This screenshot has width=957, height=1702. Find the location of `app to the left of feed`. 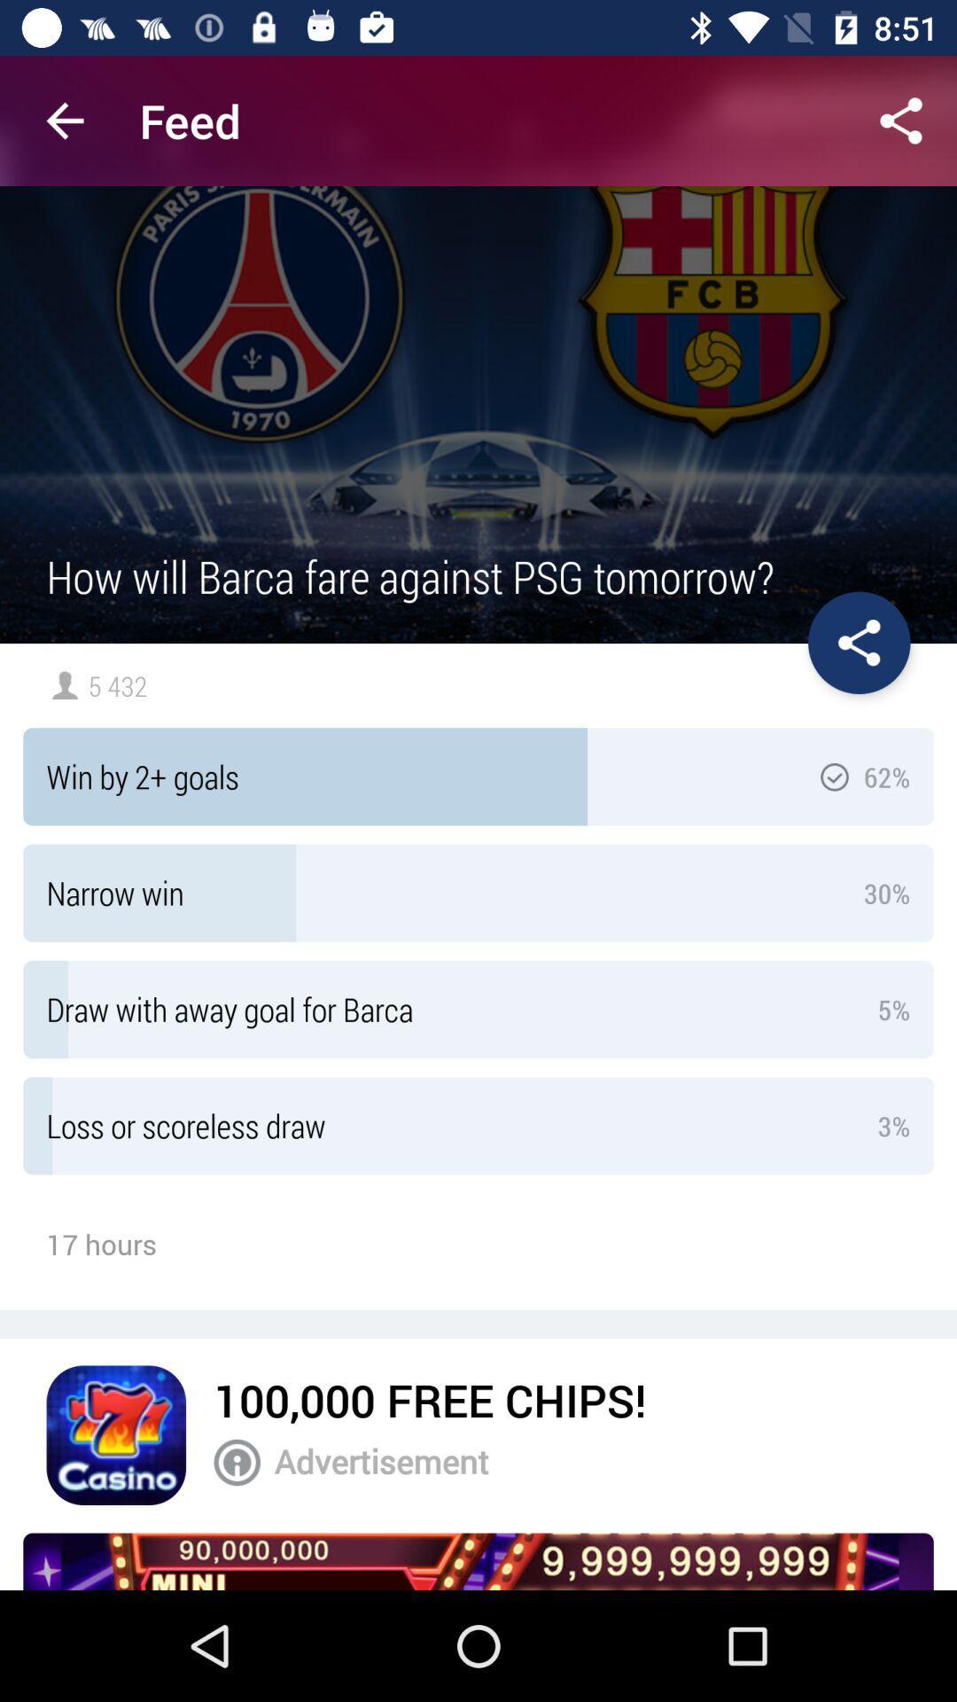

app to the left of feed is located at coordinates (64, 120).